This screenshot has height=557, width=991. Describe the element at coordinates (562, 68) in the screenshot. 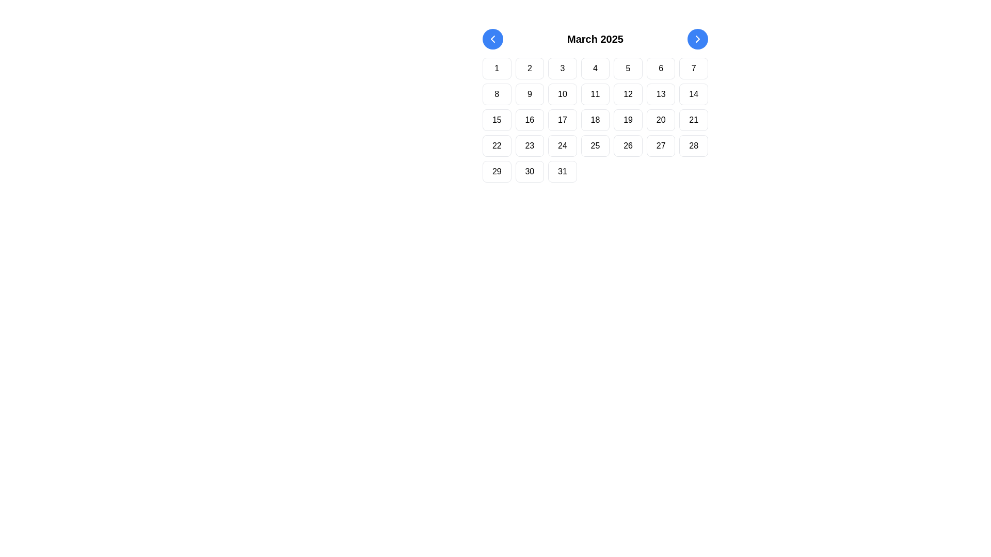

I see `the calendar day button labeled '3'` at that location.